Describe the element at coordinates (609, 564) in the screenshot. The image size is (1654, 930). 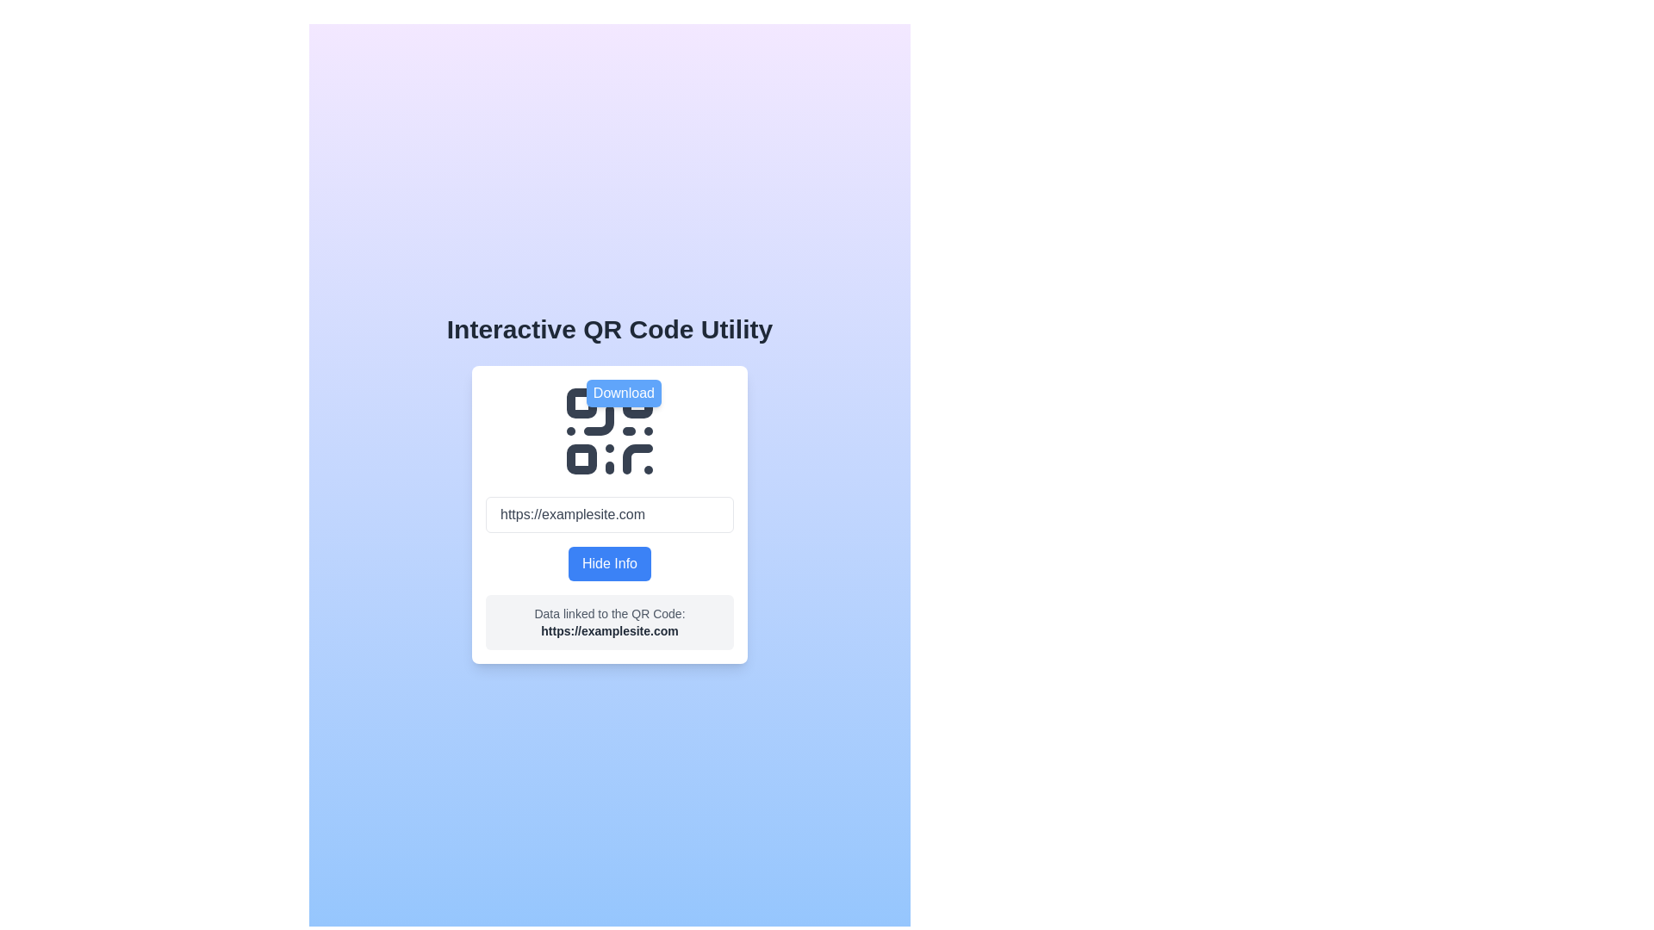
I see `the 'Hide Info' button, which is a rectangular button with rounded corners, blue background, and white text` at that location.